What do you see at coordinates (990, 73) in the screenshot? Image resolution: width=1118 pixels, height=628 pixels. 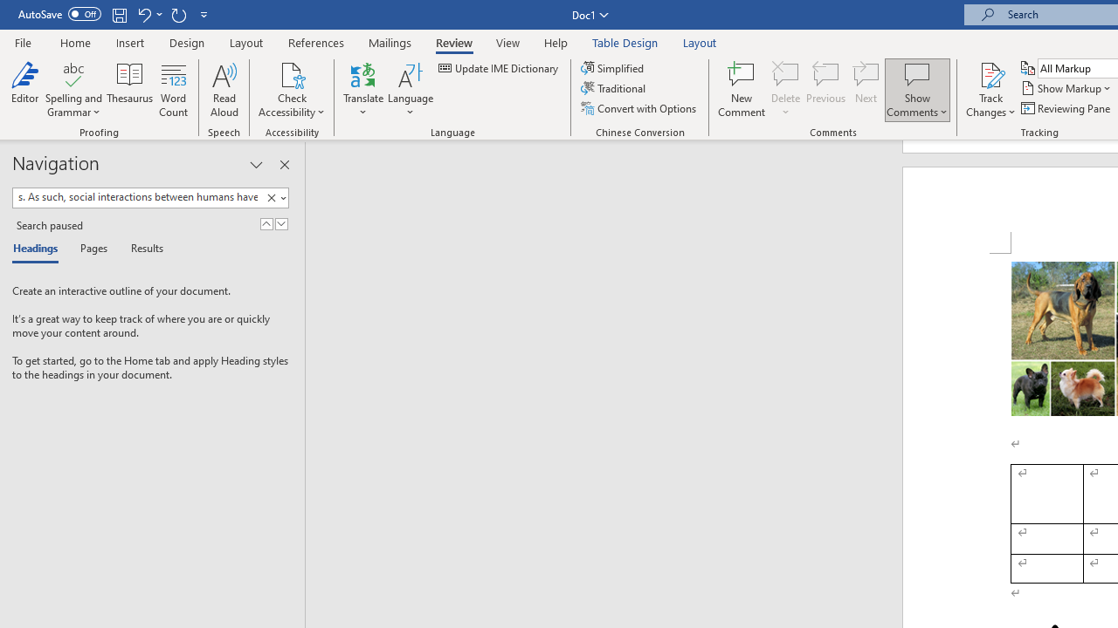 I see `'Track Changes'` at bounding box center [990, 73].